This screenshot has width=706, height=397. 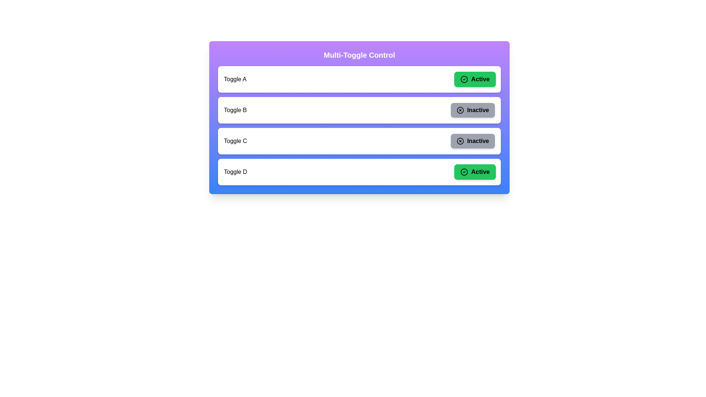 I want to click on the 'Inactive' text label of the toggle button for 'Toggle B', which indicates its status in the multi-toggle control interface, so click(x=478, y=110).